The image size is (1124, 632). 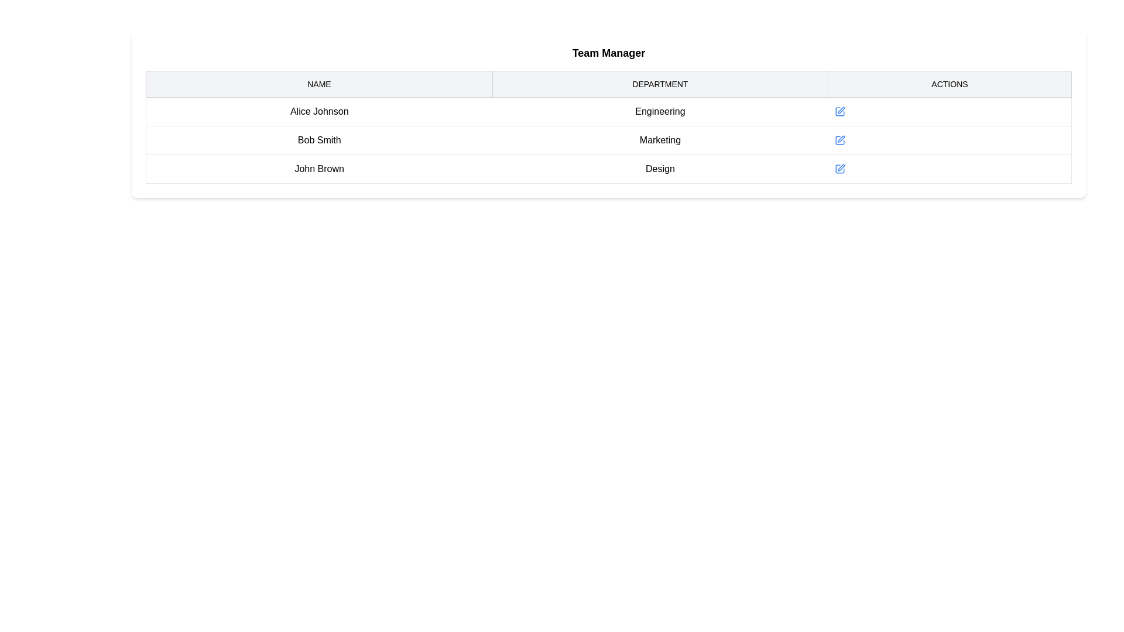 I want to click on the text label identifying the department associated with 'Alice Johnson' located in the second column of the first row of the table under the 'DEPARTMENT' header, so click(x=660, y=112).